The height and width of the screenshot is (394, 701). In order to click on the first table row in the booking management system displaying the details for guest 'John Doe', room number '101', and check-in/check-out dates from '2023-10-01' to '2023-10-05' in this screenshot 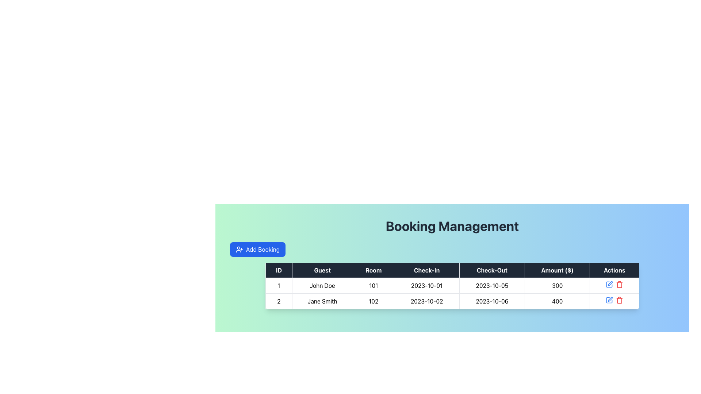, I will do `click(452, 293)`.